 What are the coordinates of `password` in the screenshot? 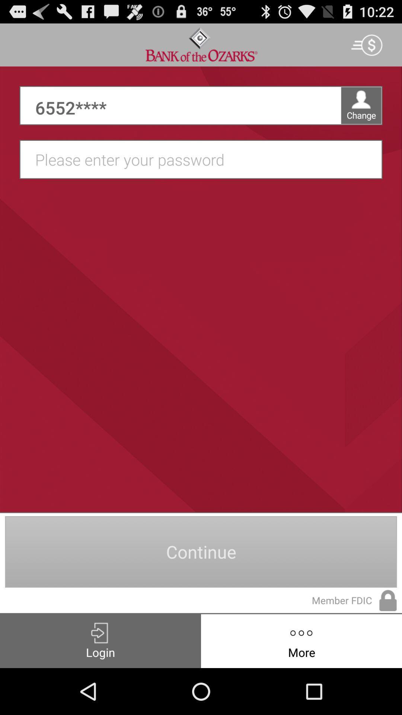 It's located at (205, 159).